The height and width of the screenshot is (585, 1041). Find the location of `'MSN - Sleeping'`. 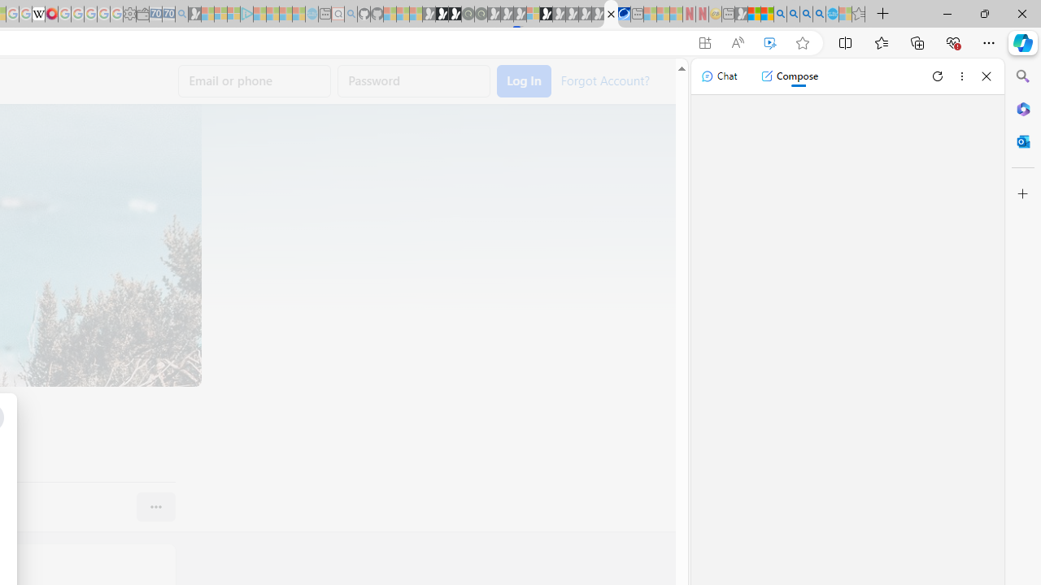

'MSN - Sleeping' is located at coordinates (740, 14).